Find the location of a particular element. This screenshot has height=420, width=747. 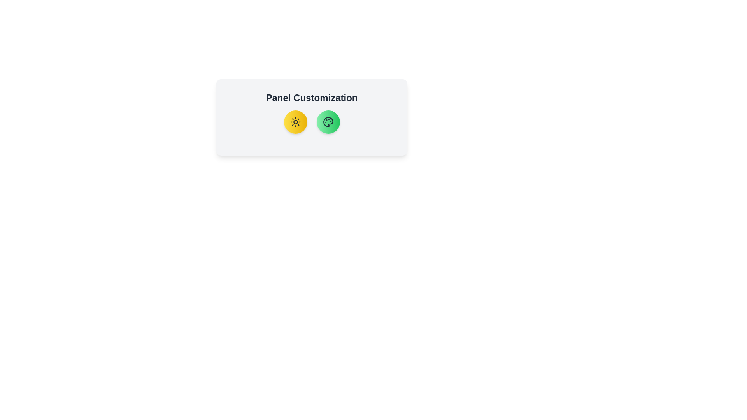

the theme selection button, which is the second button in a horizontal row is located at coordinates (328, 122).